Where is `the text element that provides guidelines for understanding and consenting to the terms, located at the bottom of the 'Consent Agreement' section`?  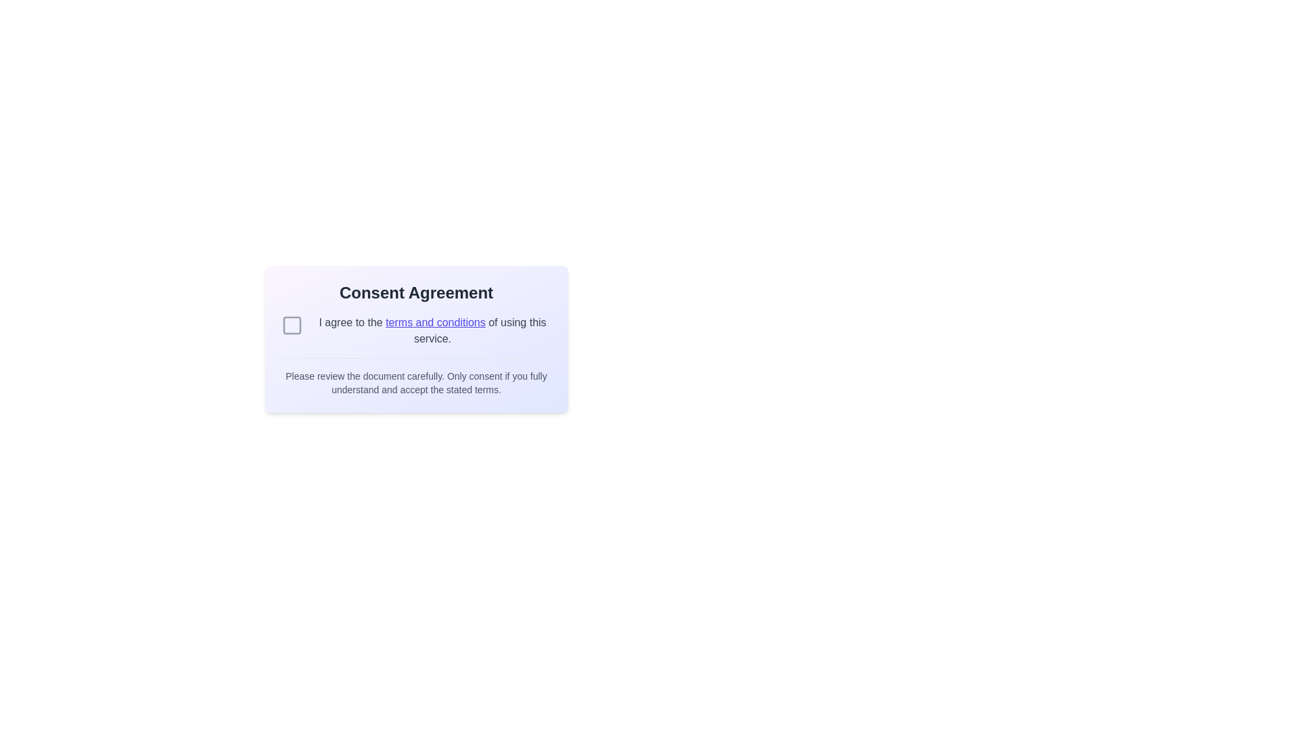 the text element that provides guidelines for understanding and consenting to the terms, located at the bottom of the 'Consent Agreement' section is located at coordinates (415, 377).